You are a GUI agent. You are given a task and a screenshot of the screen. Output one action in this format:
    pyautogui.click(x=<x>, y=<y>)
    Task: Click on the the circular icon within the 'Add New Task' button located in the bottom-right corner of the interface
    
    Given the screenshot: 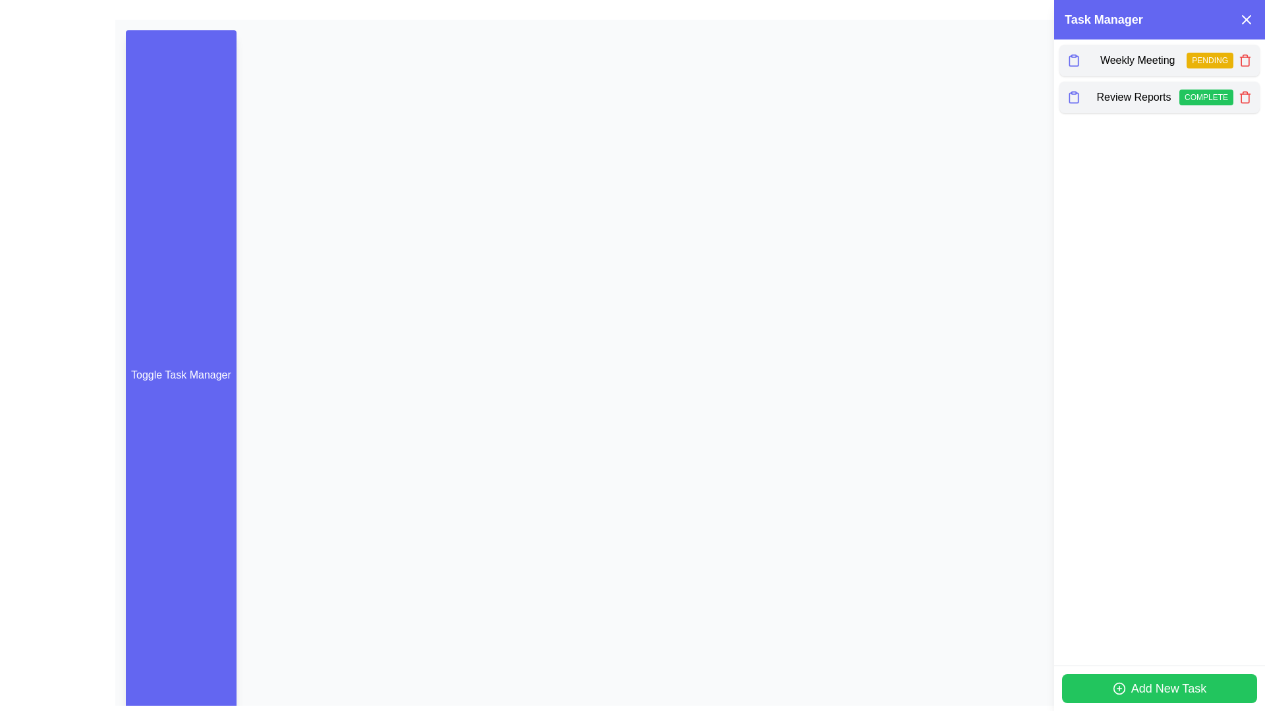 What is the action you would take?
    pyautogui.click(x=1118, y=687)
    